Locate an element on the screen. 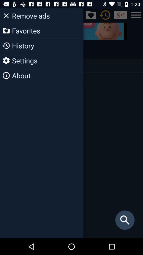 Image resolution: width=143 pixels, height=255 pixels. the menu icon is located at coordinates (136, 15).